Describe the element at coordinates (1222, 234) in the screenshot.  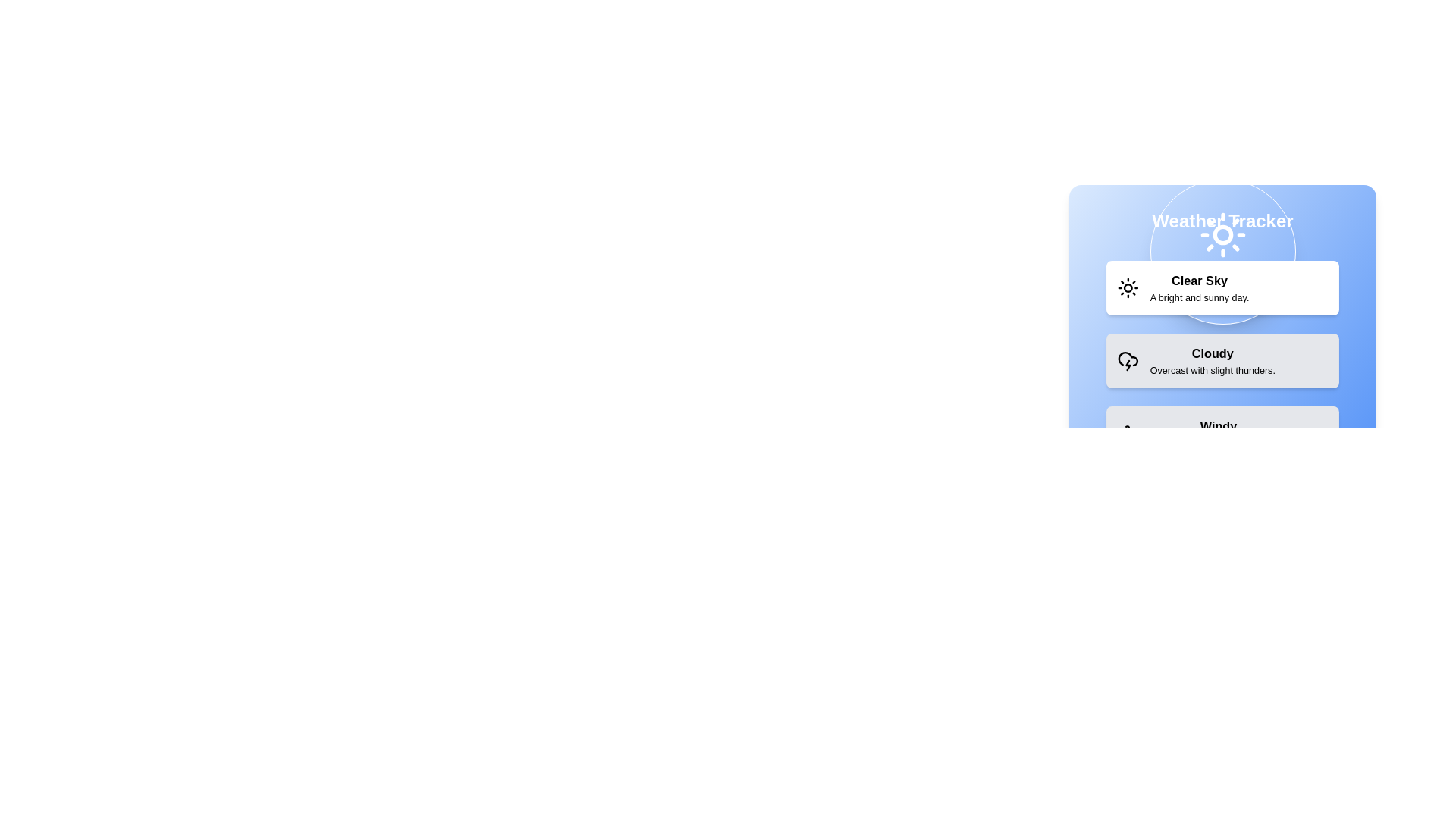
I see `the sun-shaped icon located at the top section of the interface, which is part of the 'Clear Sky' section, directly below the 'Weather Tracker' header` at that location.